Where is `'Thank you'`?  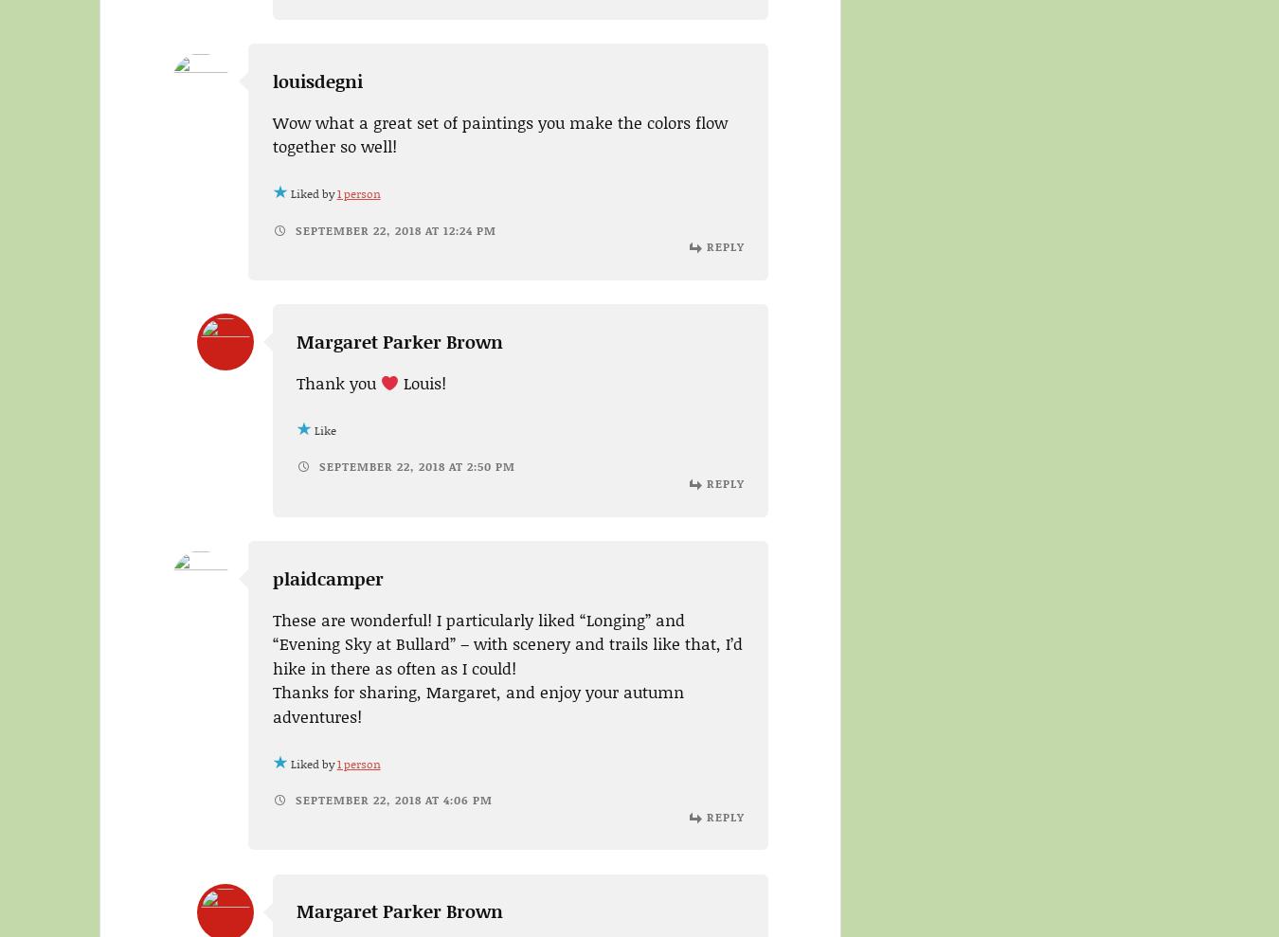
'Thank you' is located at coordinates (338, 382).